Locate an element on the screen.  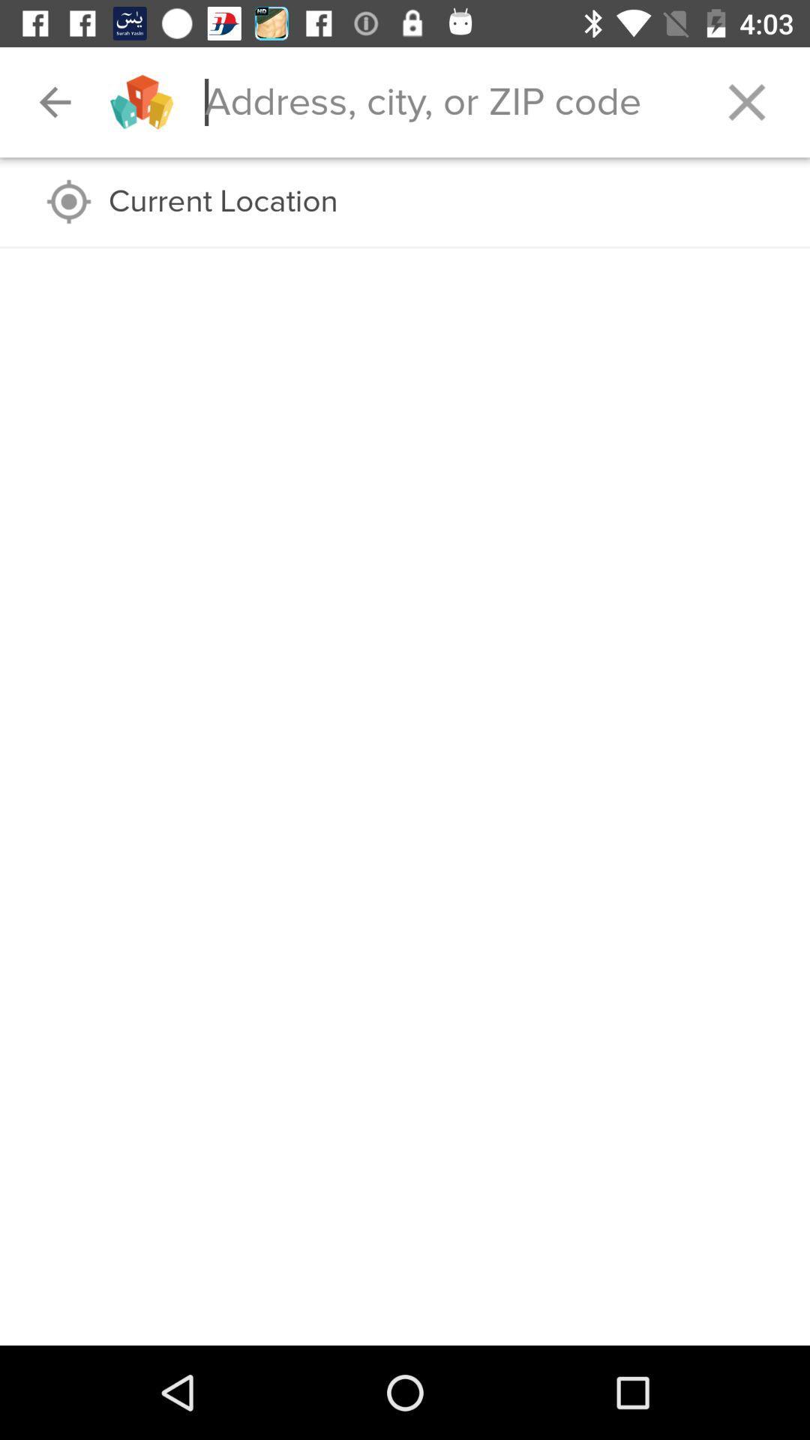
the icon to the left of the current location icon is located at coordinates (69, 201).